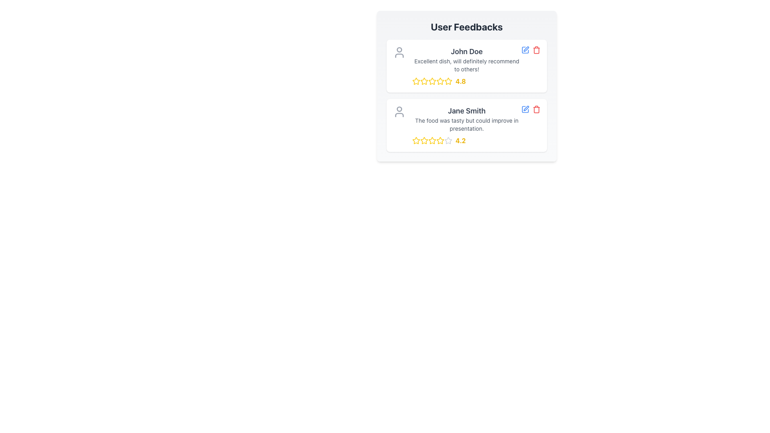 The height and width of the screenshot is (433, 770). Describe the element at coordinates (432, 140) in the screenshot. I see `the fourth star icon in the rating indicator for 'Jane Smith', which visually represents a rating of four out of five stars` at that location.